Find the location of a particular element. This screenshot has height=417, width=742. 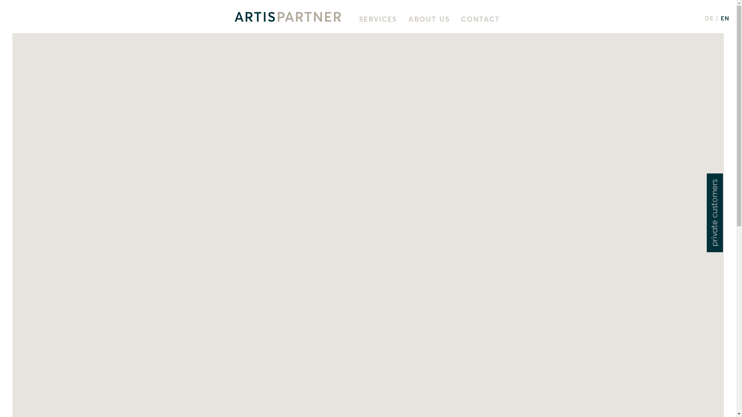

'CONTACT' is located at coordinates (480, 19).